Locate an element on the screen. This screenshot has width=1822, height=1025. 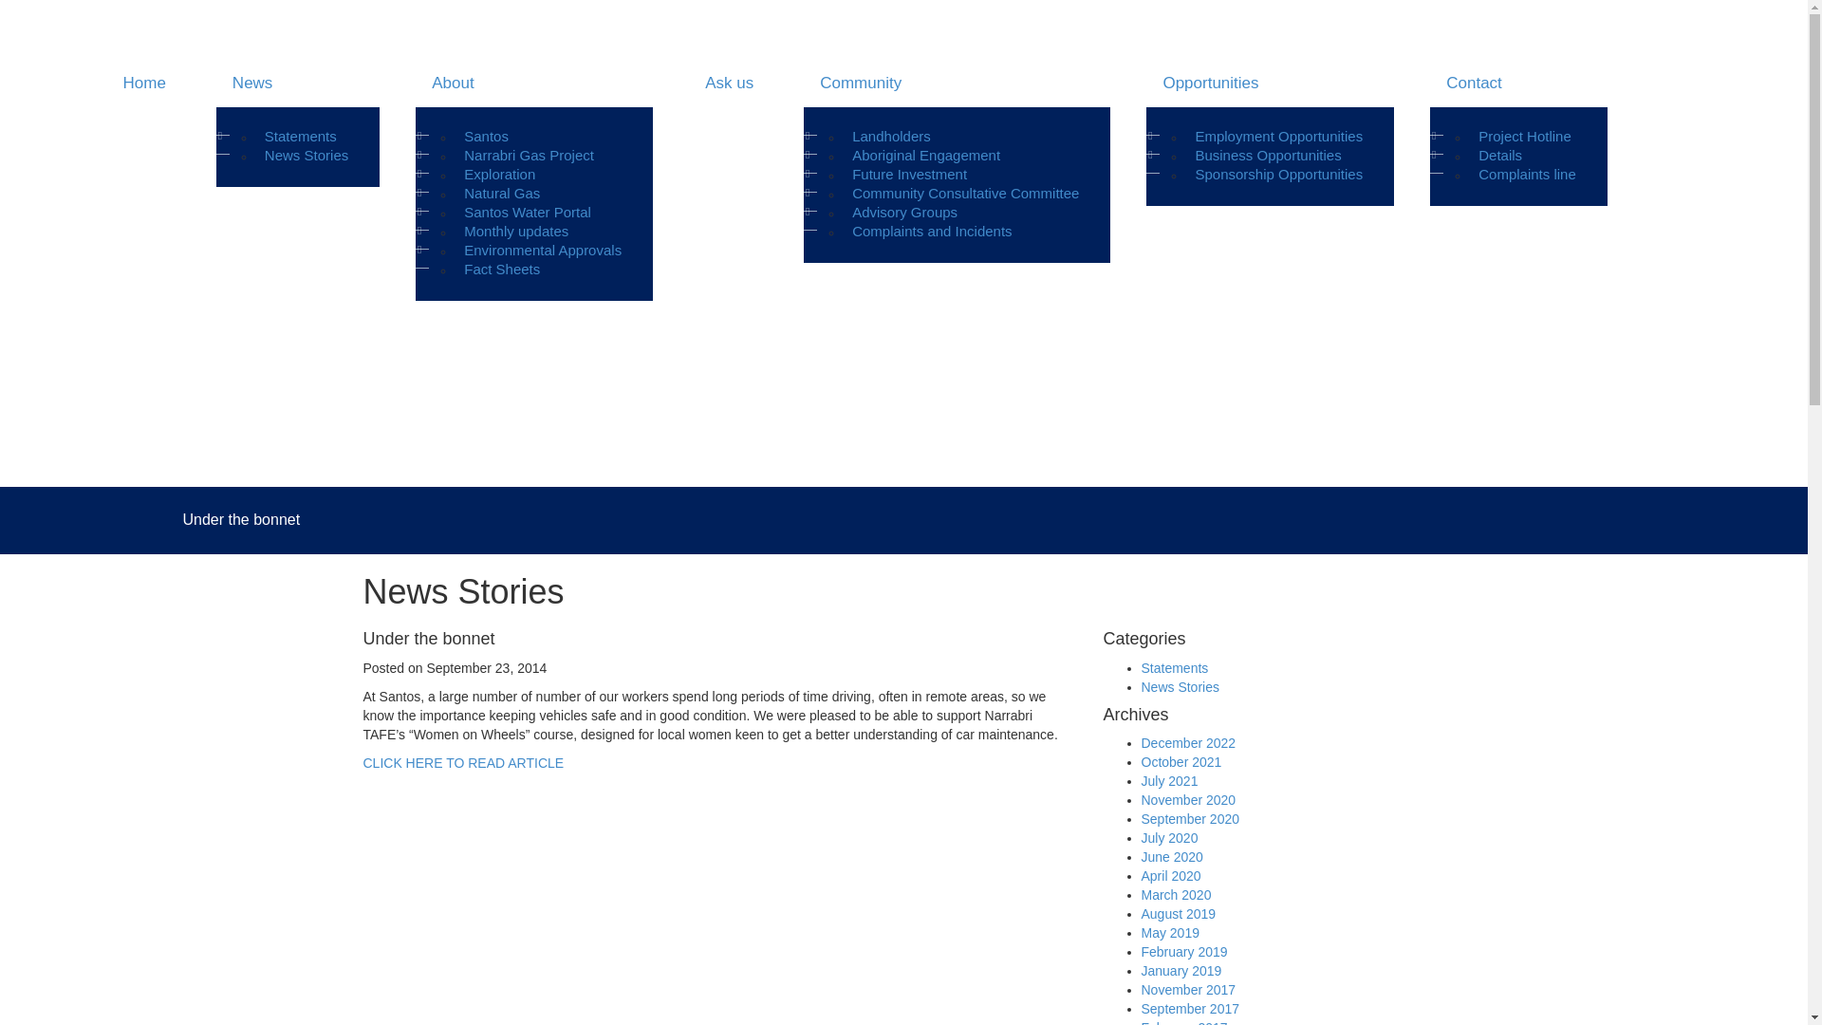
'News' is located at coordinates (296, 83).